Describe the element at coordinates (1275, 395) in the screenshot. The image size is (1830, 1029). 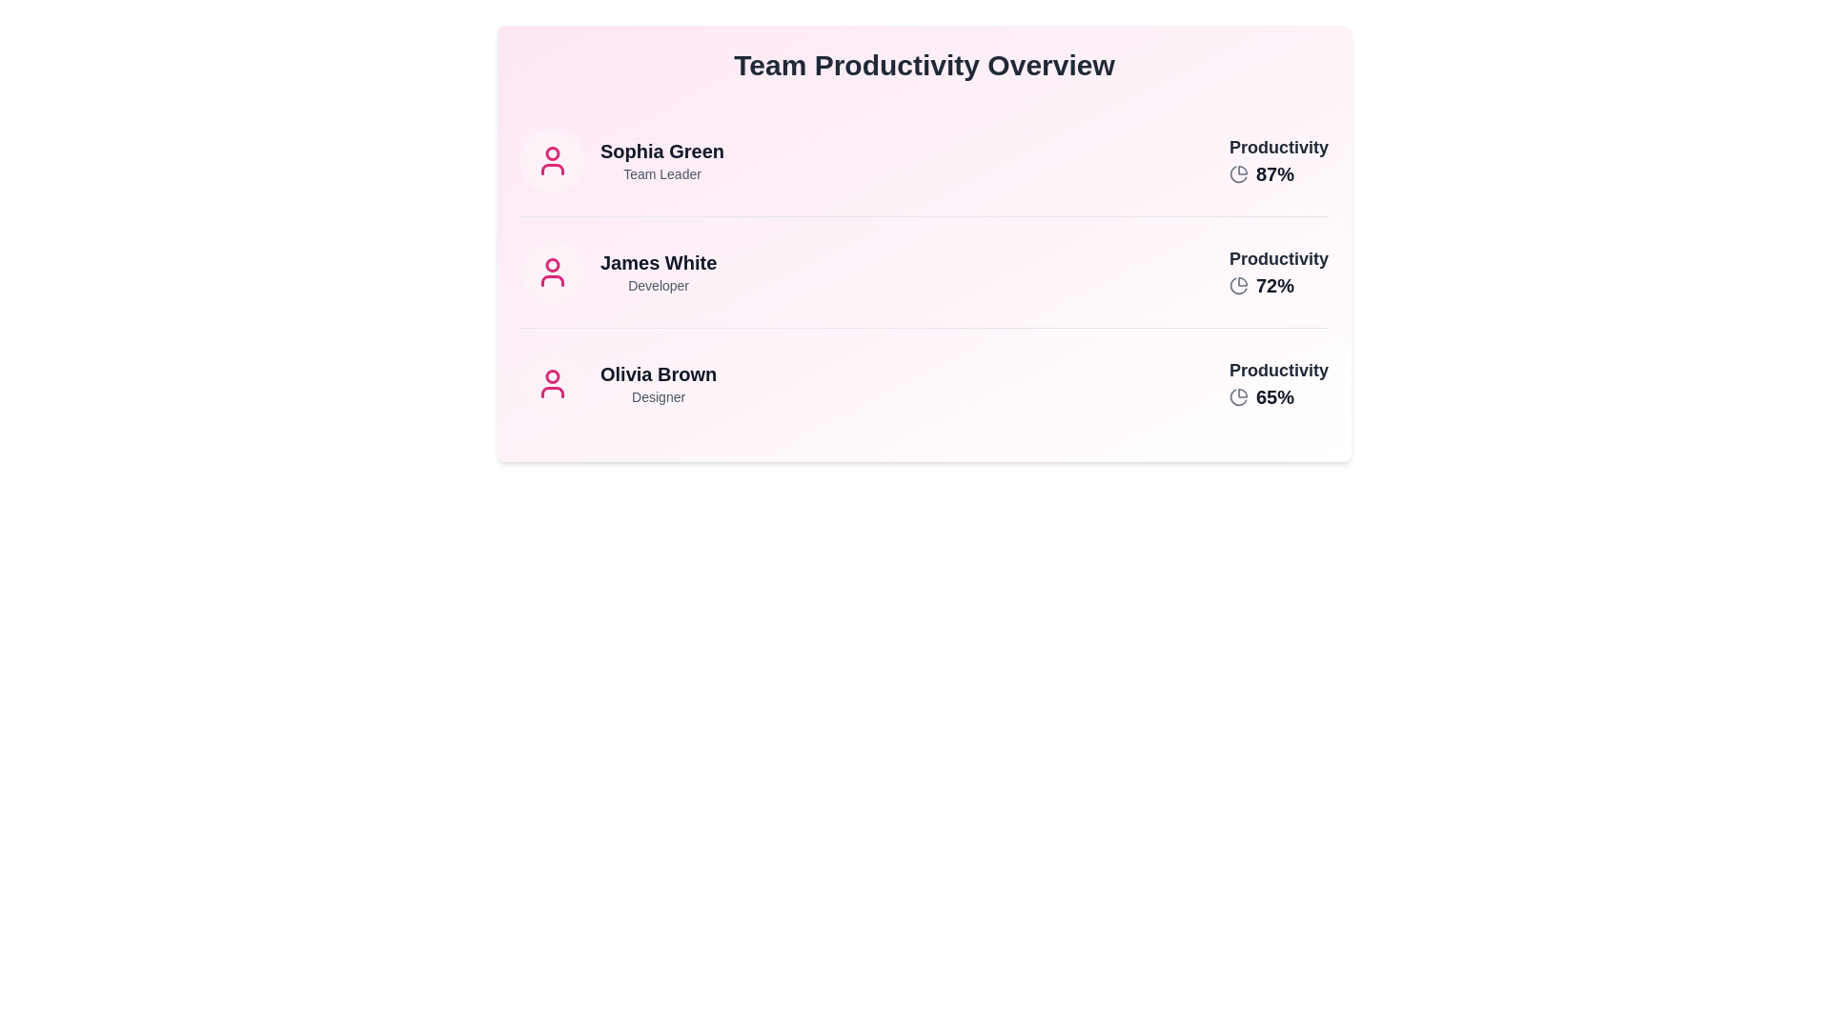
I see `the text display indicating the productivity percentage of Olivia Brown in the 'Team Productivity Overview' interface` at that location.